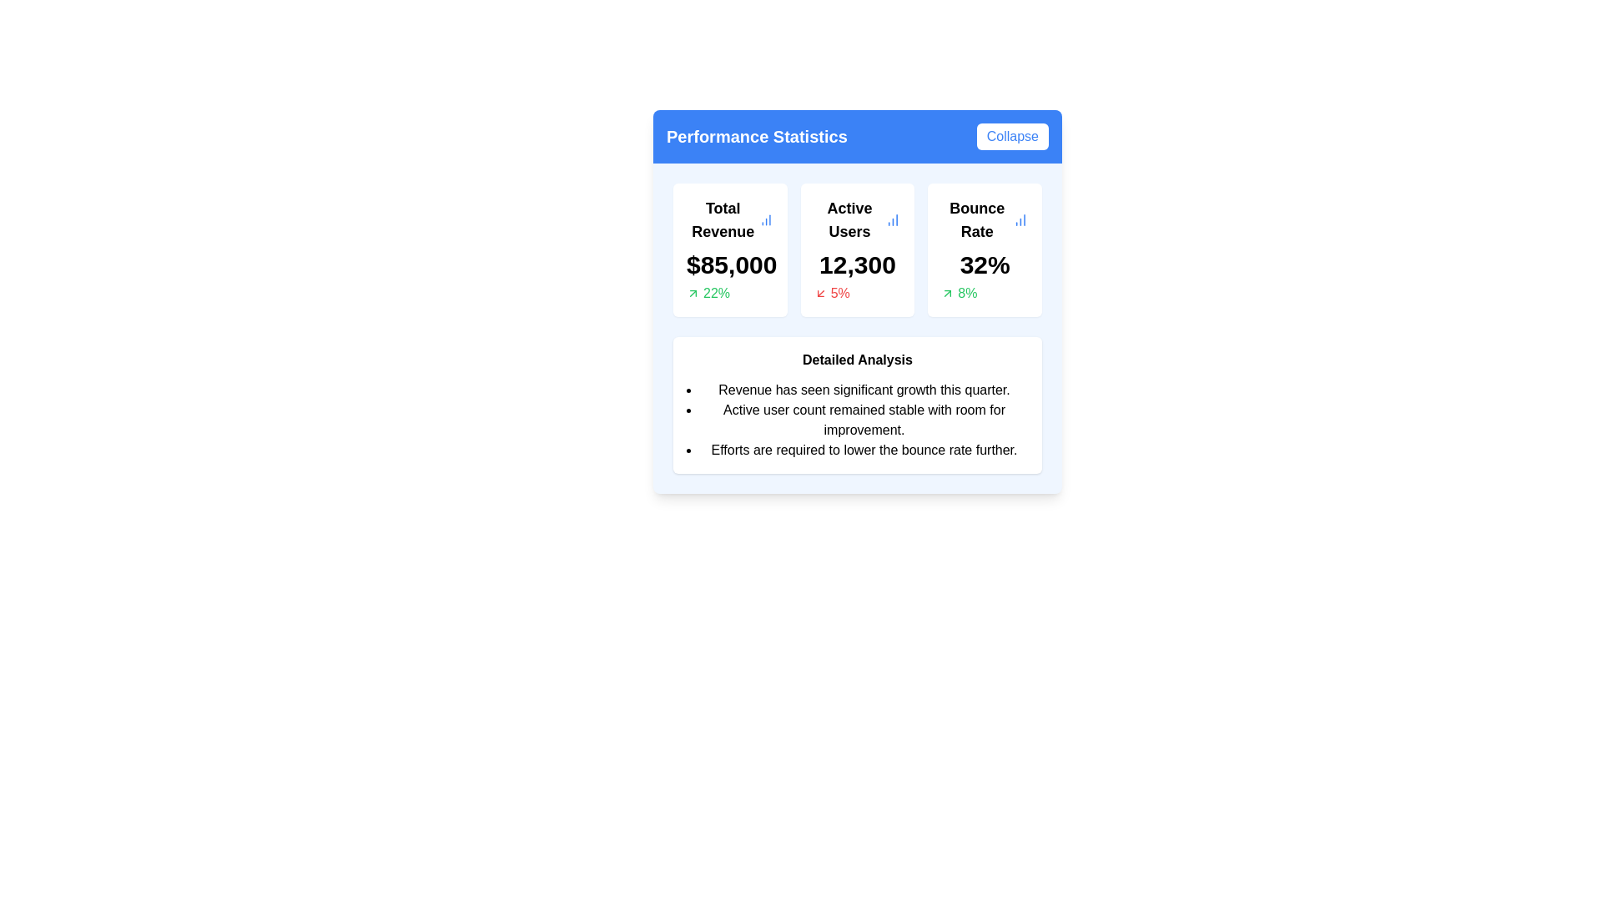 This screenshot has width=1602, height=901. What do you see at coordinates (864, 420) in the screenshot?
I see `the second item in the bulleted list located in the 'Detailed Analysis' section of the performance statistics card, which communicates potential improvements in user counts` at bounding box center [864, 420].